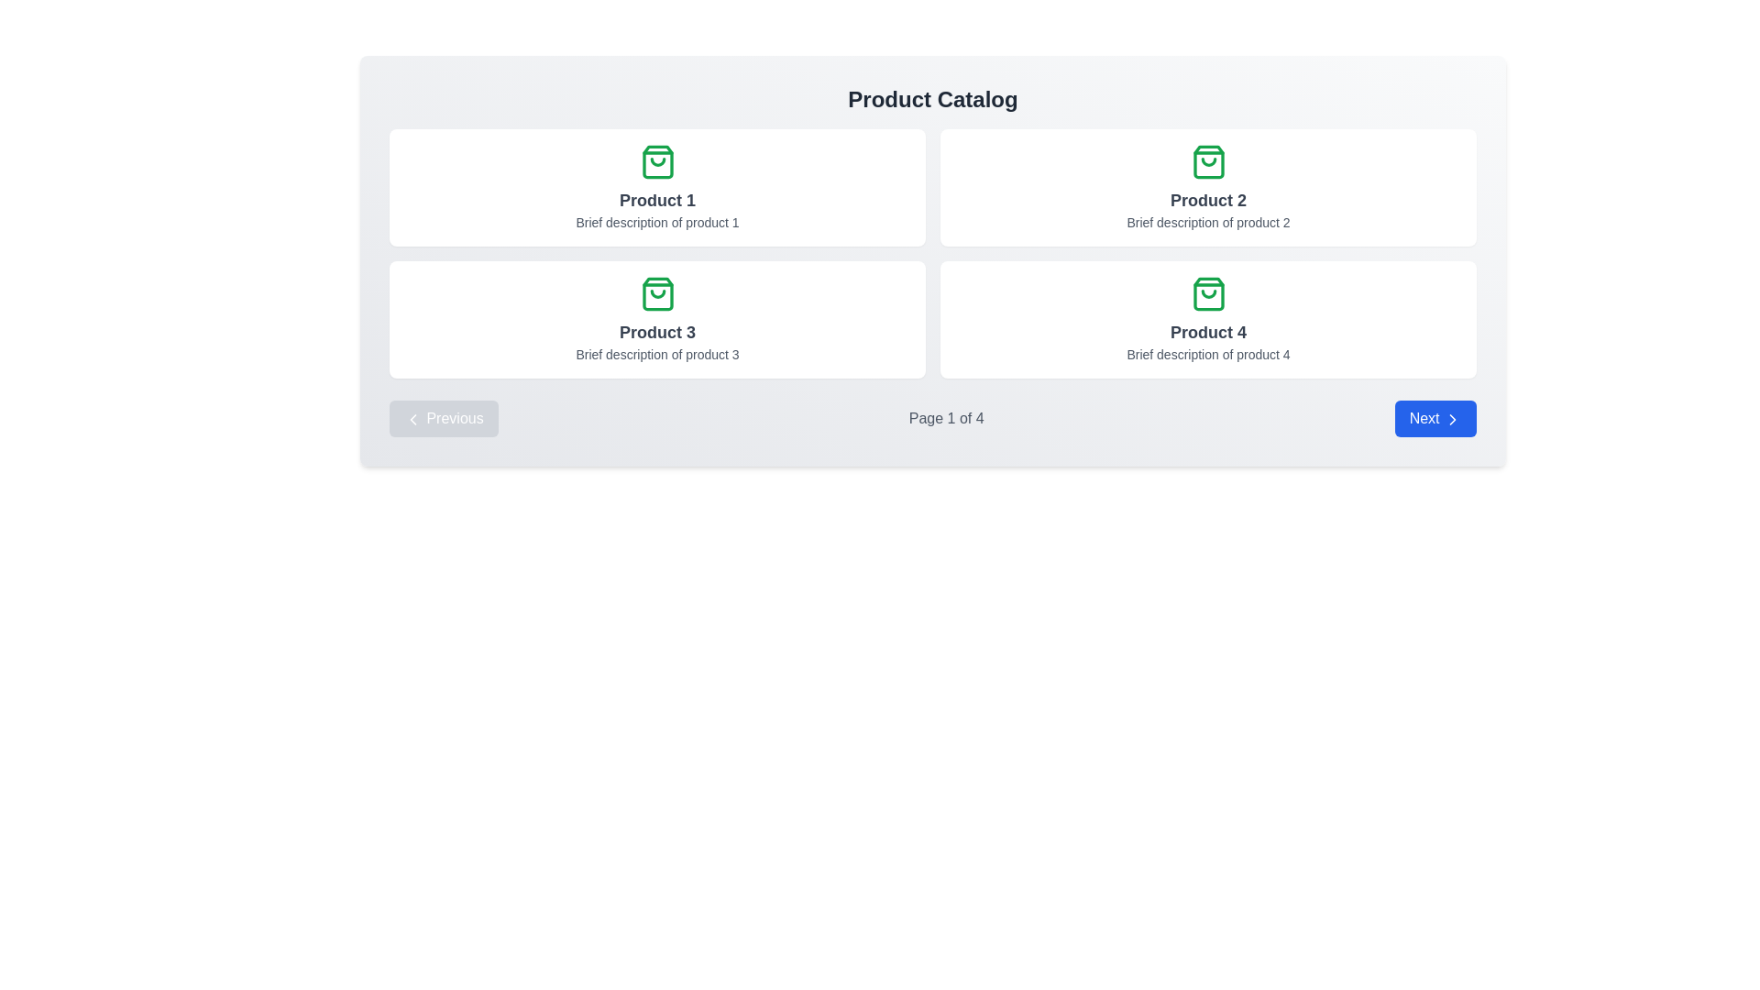  I want to click on the decorative icon within the fourth product card titled 'Product 4', located in the bottom-right corner of the product grid, so click(1208, 292).